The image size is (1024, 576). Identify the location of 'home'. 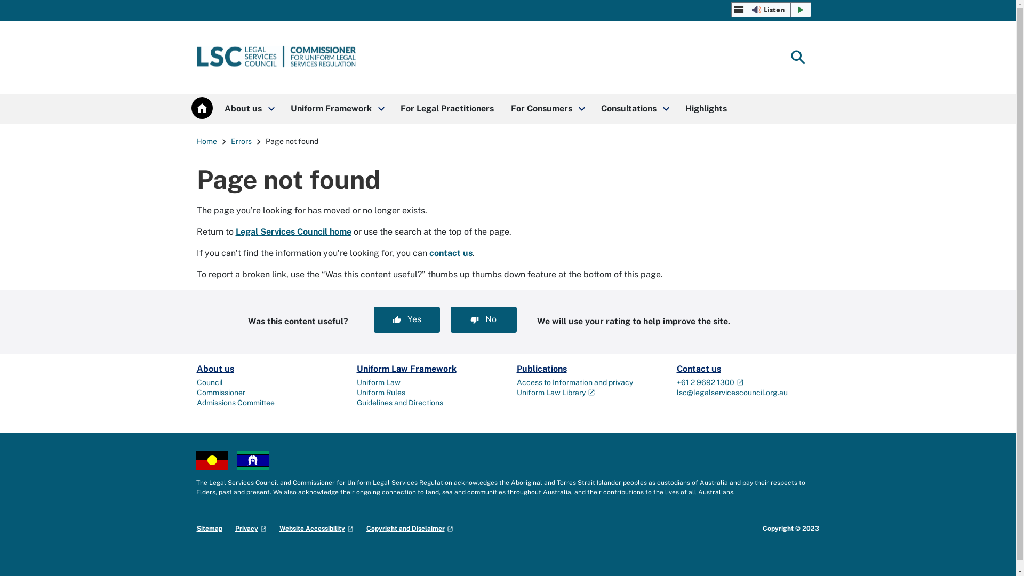
(202, 108).